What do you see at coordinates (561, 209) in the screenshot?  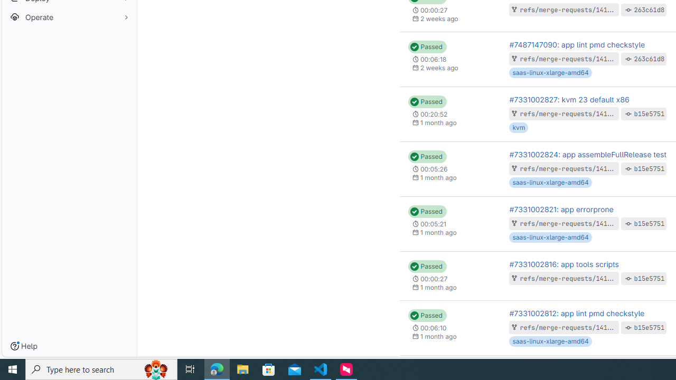 I see `'#7331002821: app errorprone'` at bounding box center [561, 209].